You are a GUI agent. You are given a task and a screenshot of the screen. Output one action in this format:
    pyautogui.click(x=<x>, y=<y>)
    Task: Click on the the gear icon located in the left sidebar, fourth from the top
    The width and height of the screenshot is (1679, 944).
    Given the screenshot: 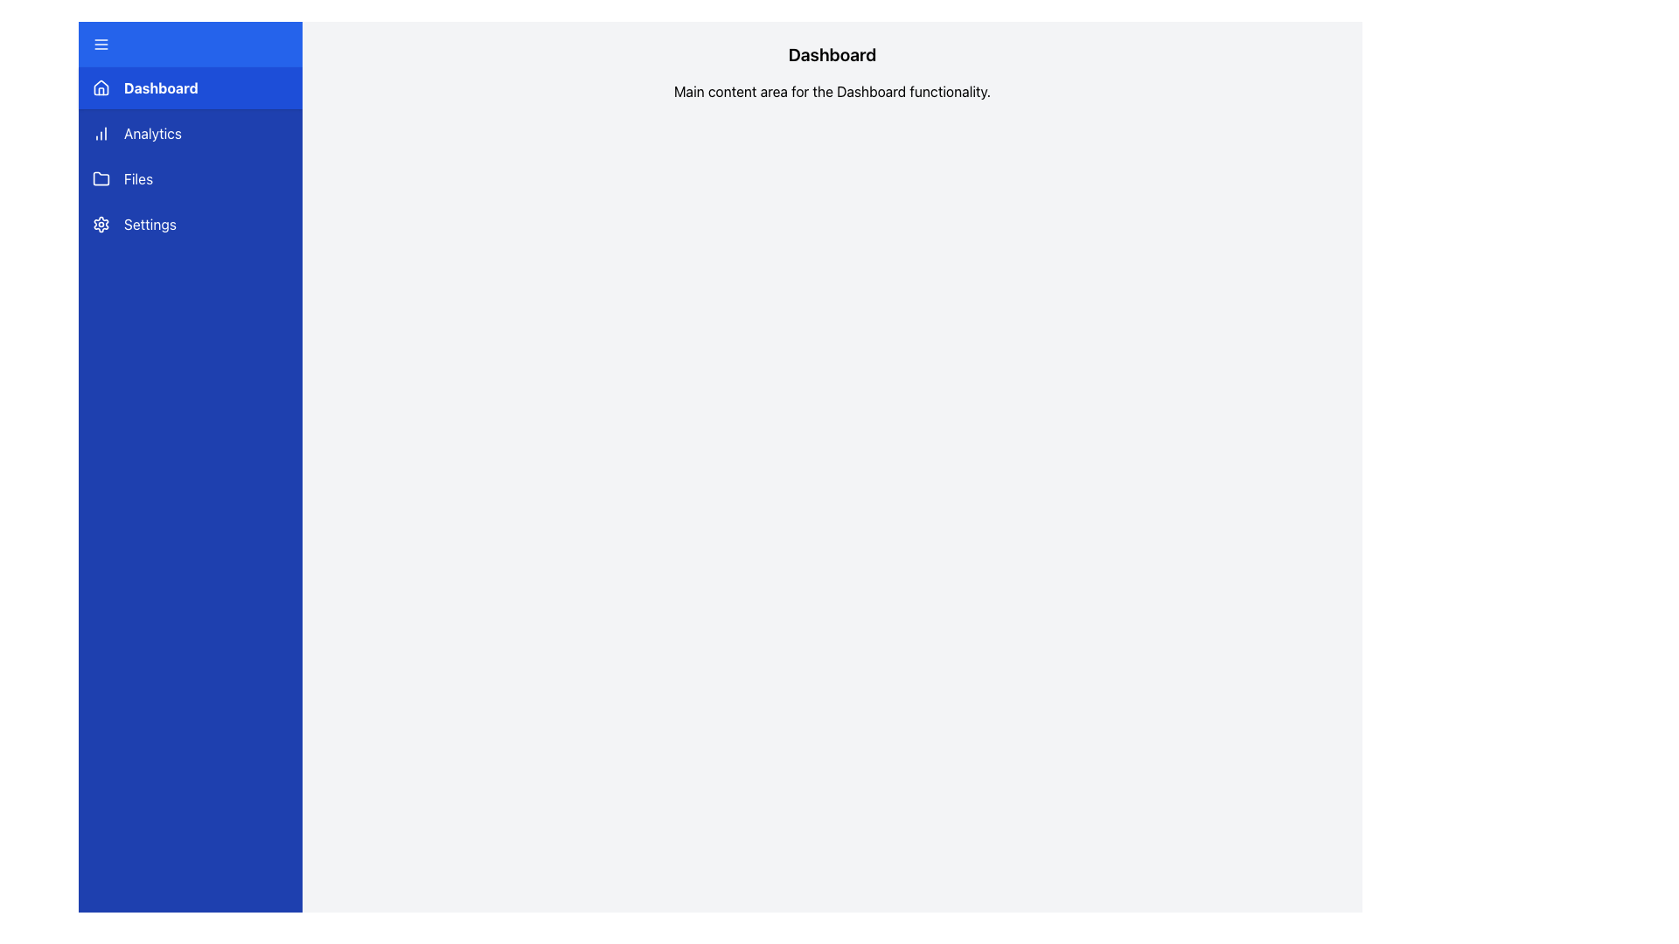 What is the action you would take?
    pyautogui.click(x=100, y=224)
    